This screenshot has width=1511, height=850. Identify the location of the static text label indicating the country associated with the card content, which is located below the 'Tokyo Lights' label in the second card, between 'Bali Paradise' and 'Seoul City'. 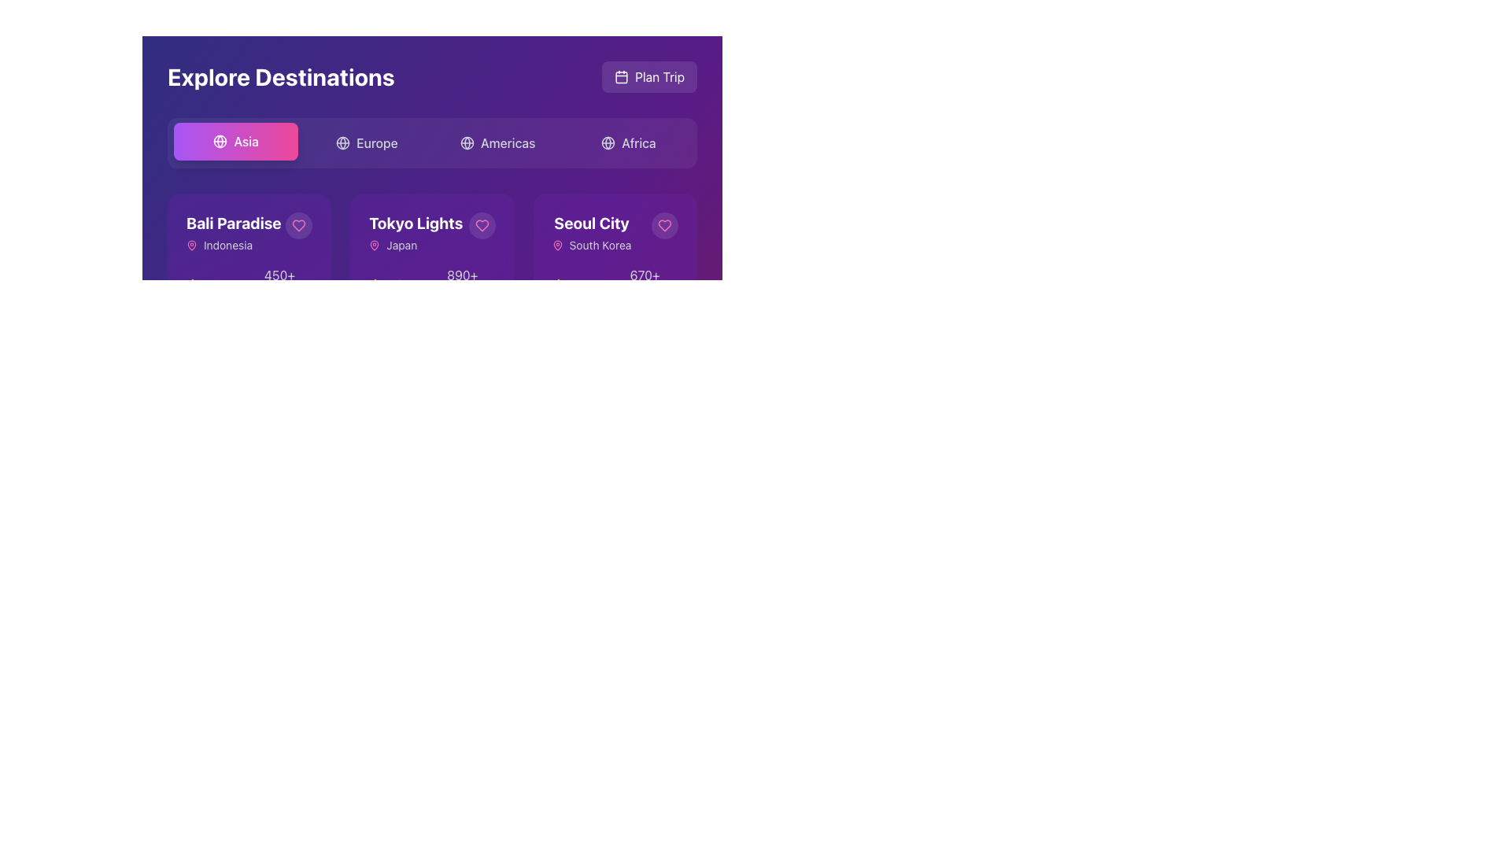
(401, 246).